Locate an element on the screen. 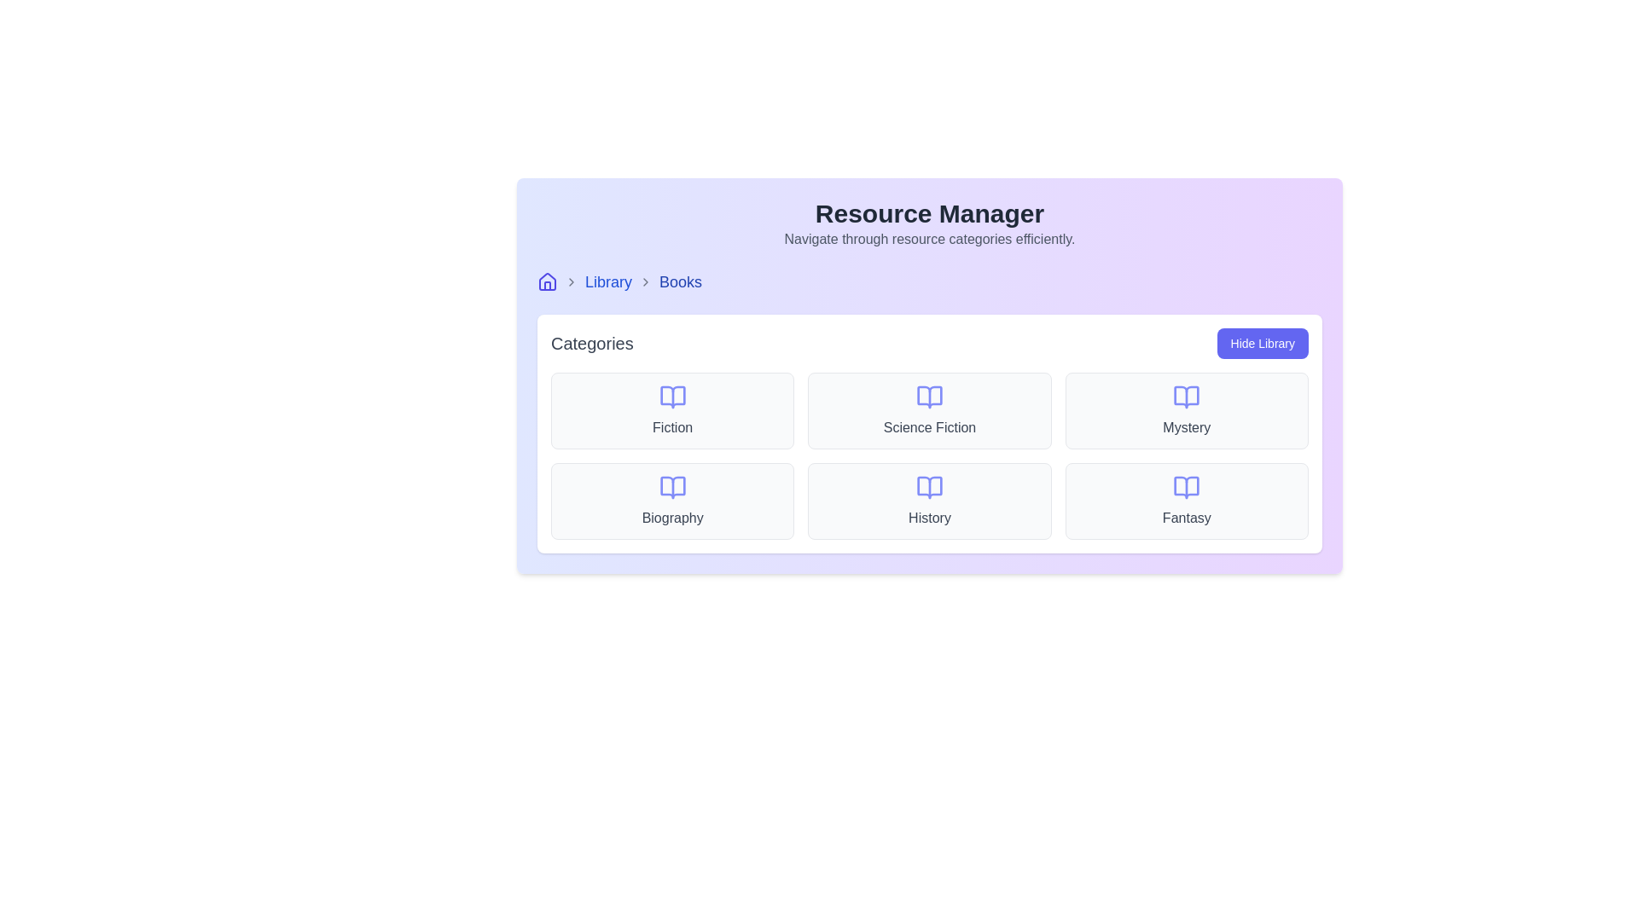 This screenshot has height=921, width=1638. the 'History' category card is located at coordinates (928, 500).